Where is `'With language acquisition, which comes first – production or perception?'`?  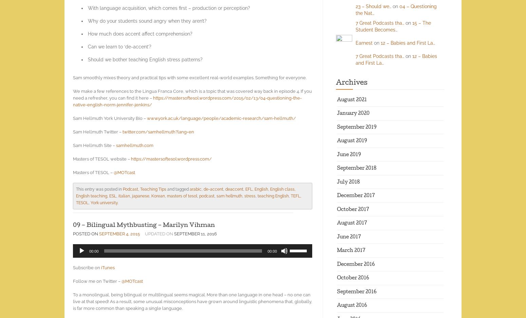
'With language acquisition, which comes first – production or perception?' is located at coordinates (88, 8).